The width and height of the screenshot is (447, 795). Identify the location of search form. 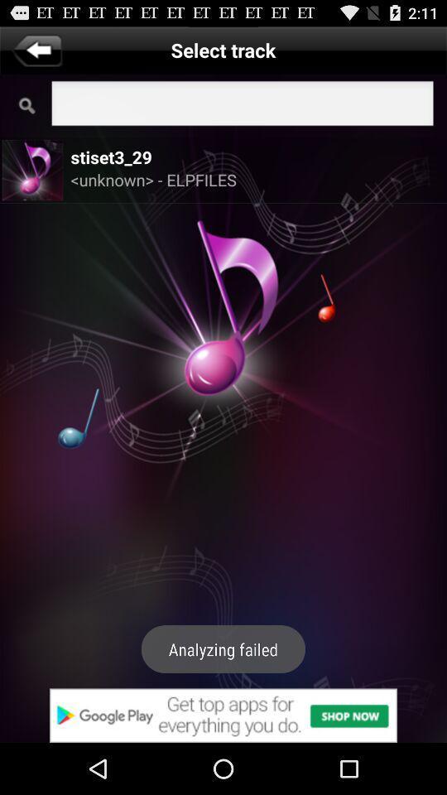
(242, 104).